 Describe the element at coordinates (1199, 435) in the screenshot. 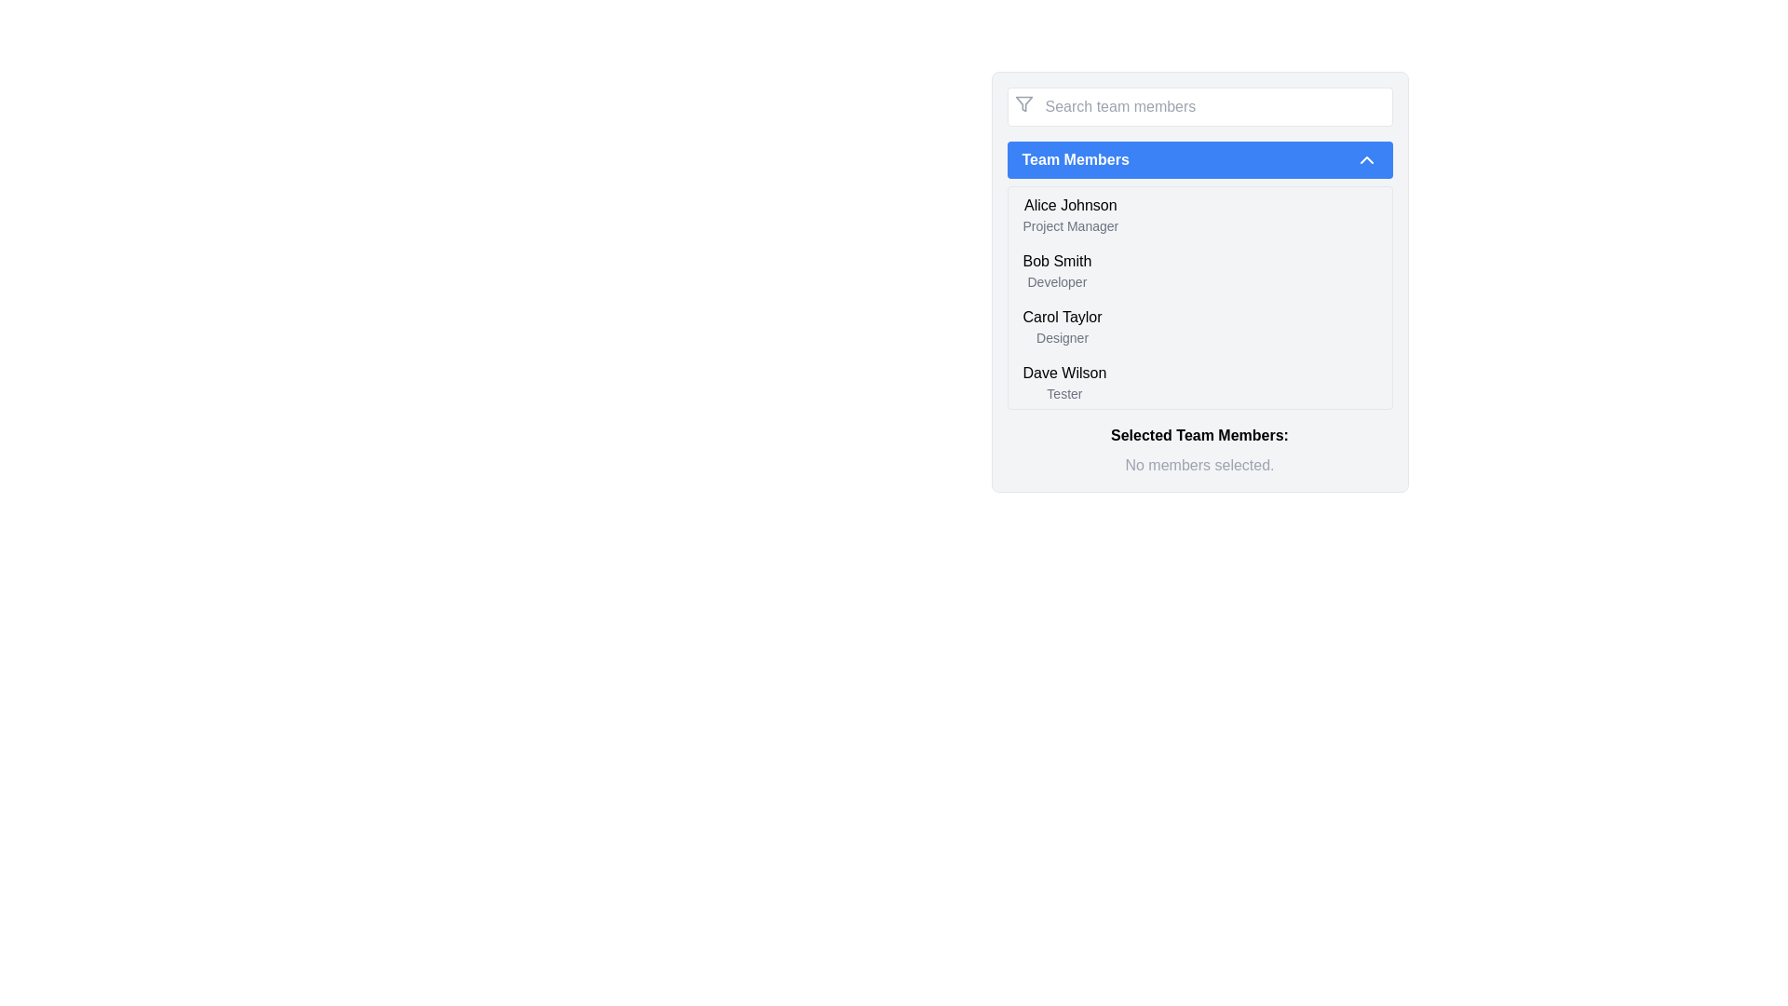

I see `the text label 'Selected Team Members:' which is bold and located above the grayed-out text 'No members selected.' in the team members panel` at that location.